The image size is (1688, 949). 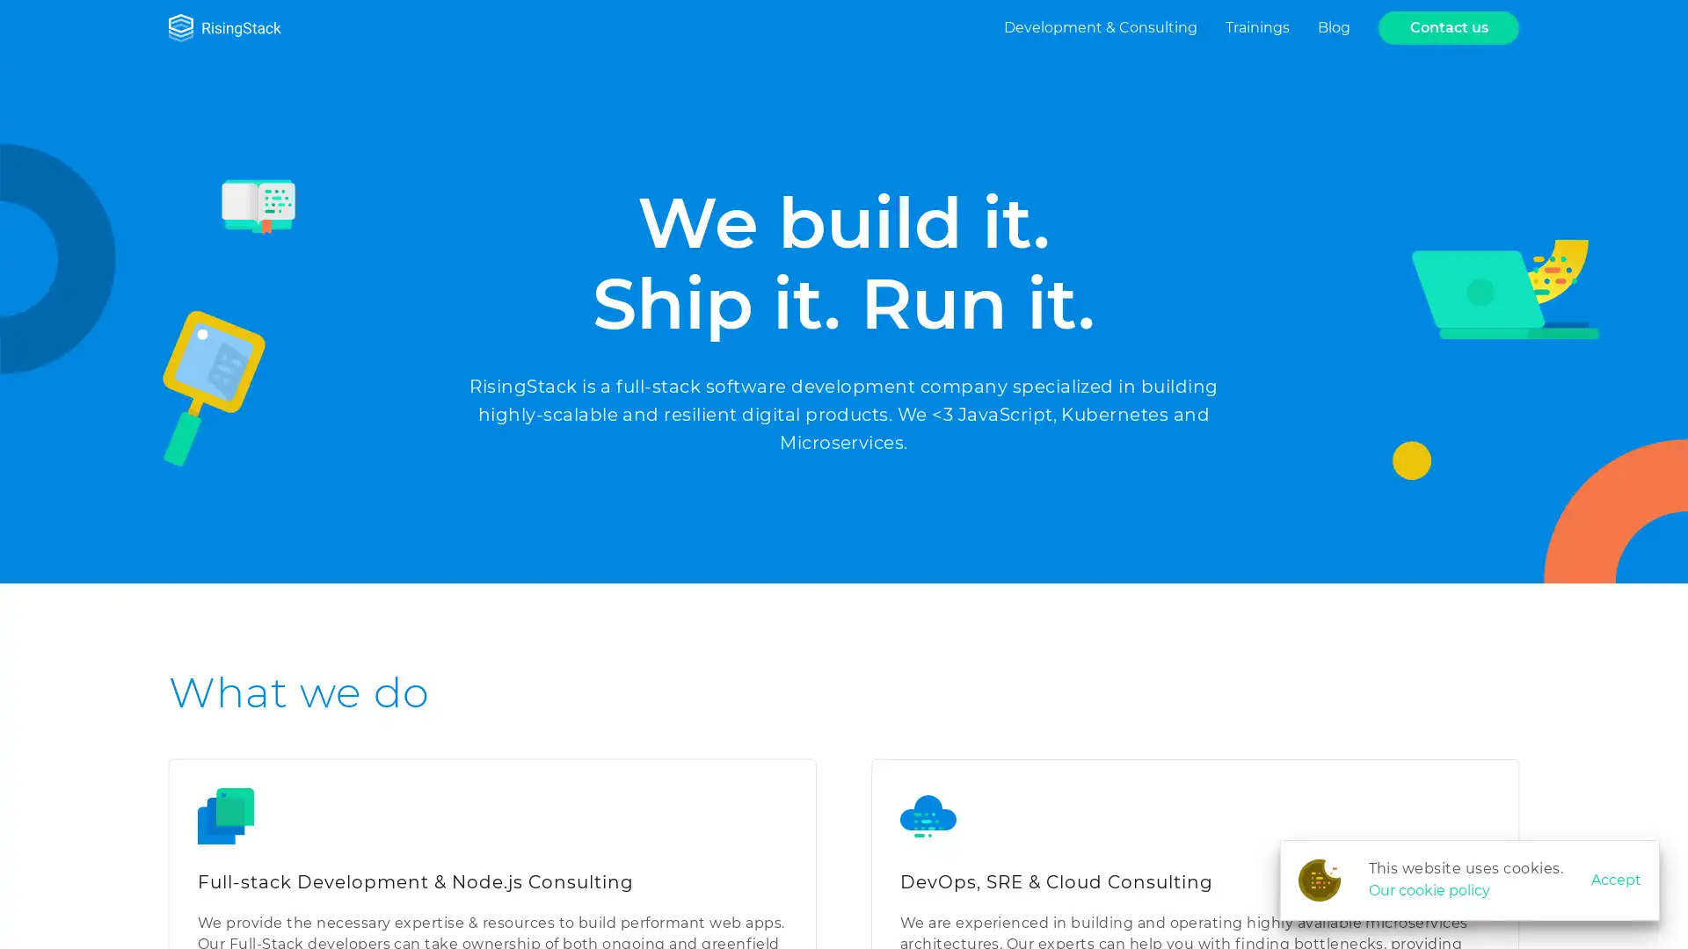 I want to click on Accept, so click(x=1616, y=880).